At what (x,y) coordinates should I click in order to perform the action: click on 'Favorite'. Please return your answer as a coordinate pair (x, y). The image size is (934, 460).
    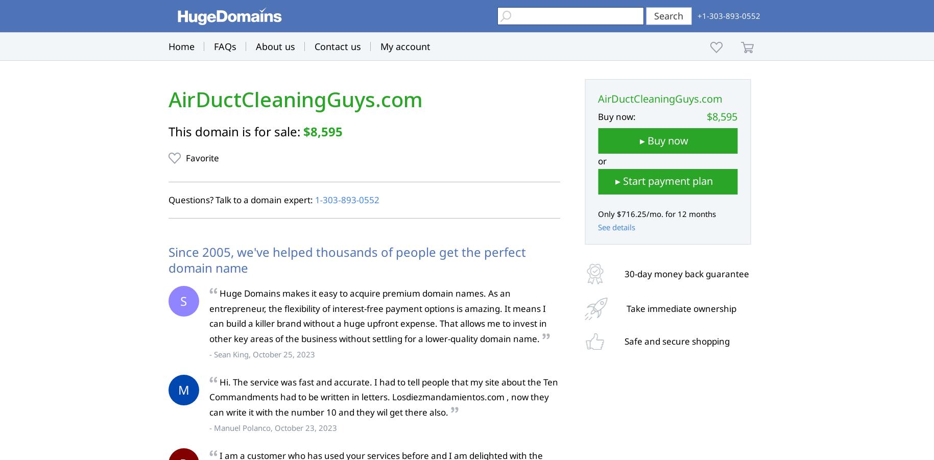
    Looking at the image, I should click on (202, 158).